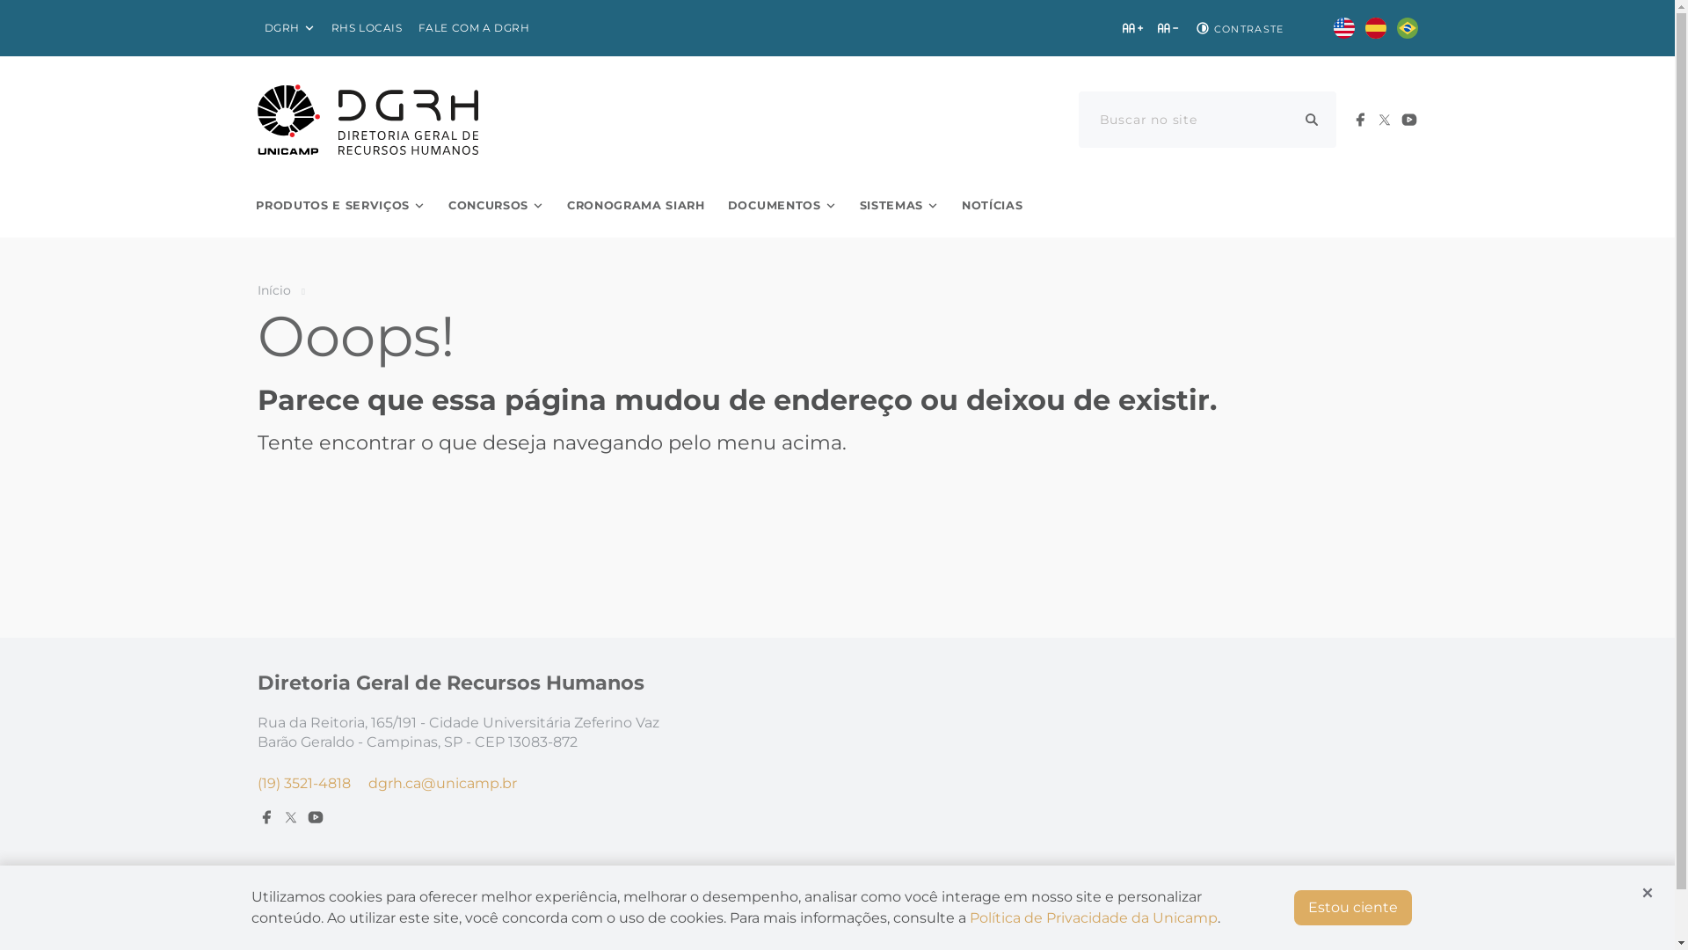 The height and width of the screenshot is (950, 1688). I want to click on 'Fechar', so click(1646, 892).